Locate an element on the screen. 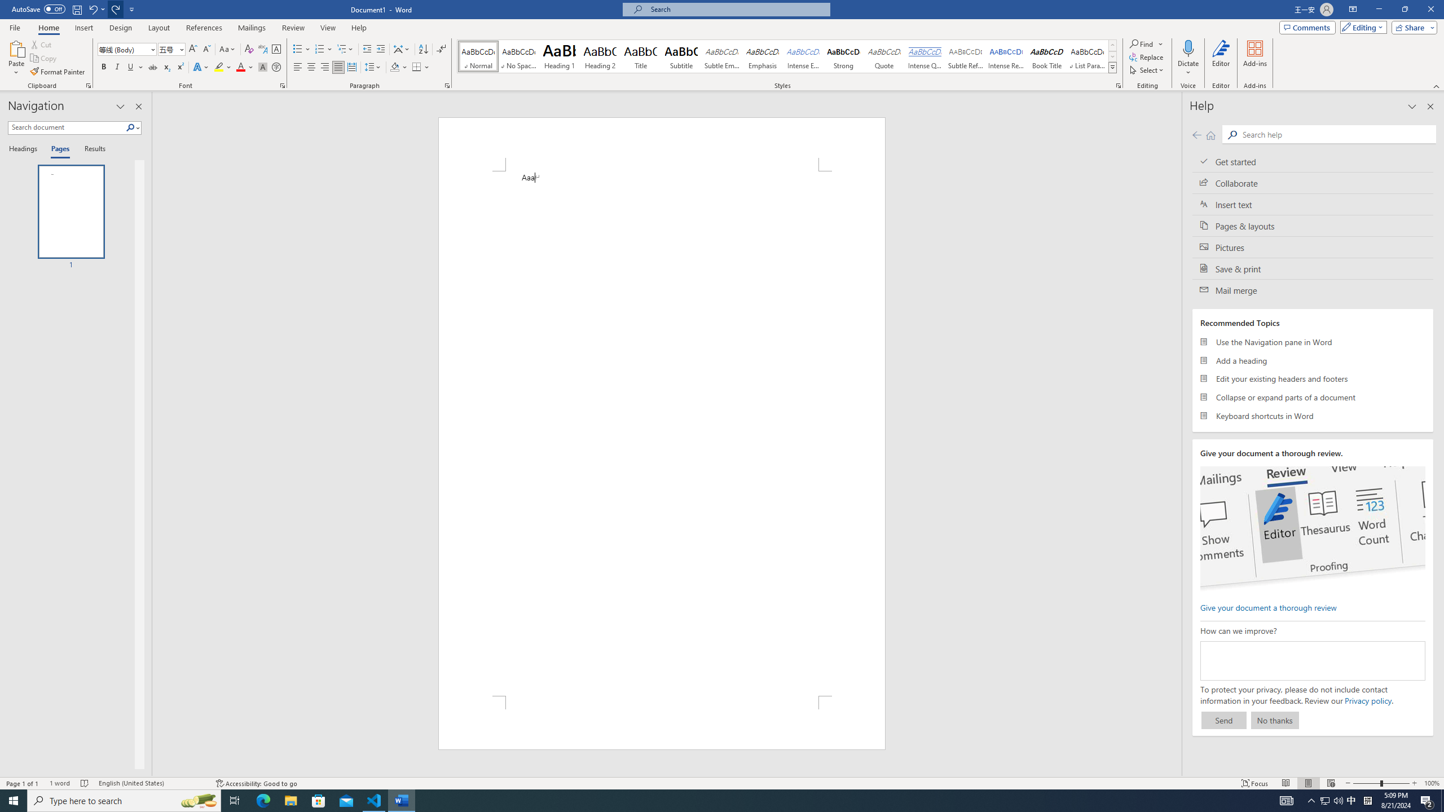 Image resolution: width=1444 pixels, height=812 pixels. 'Add a heading' is located at coordinates (1313, 360).